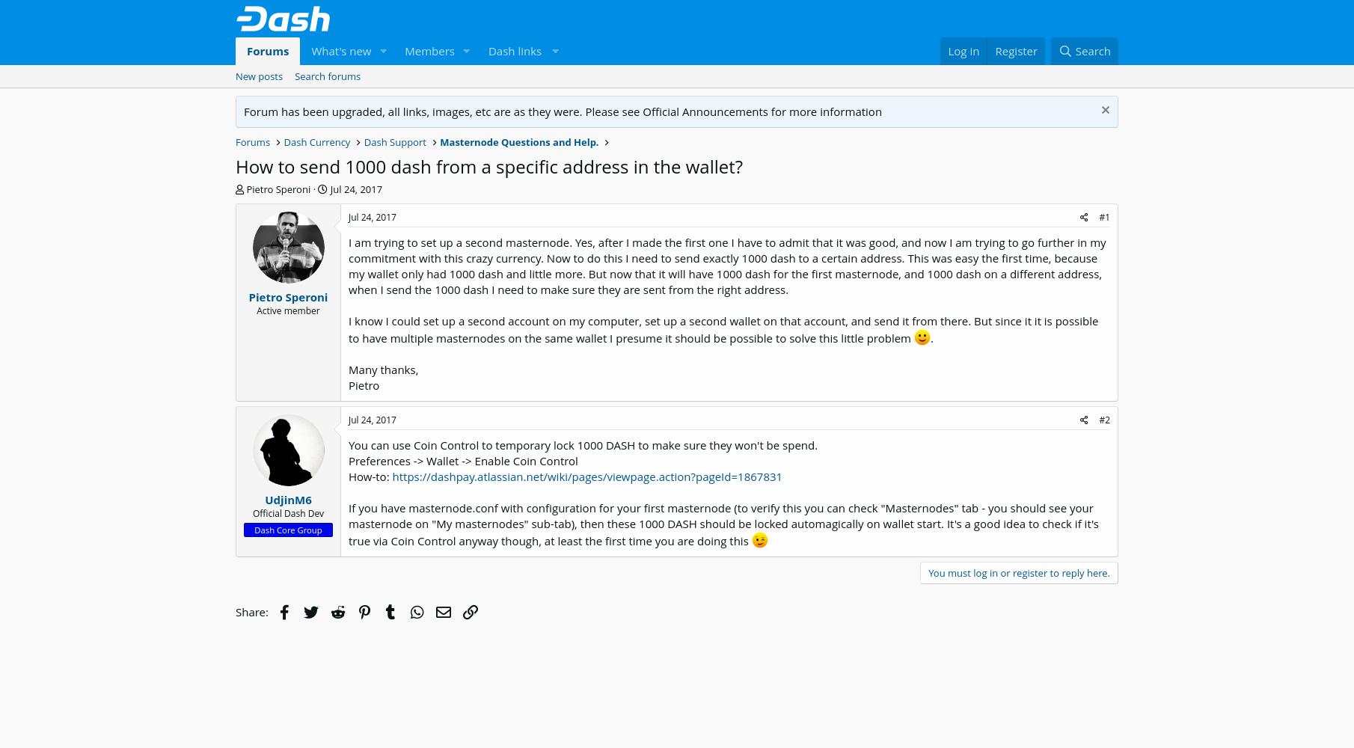  What do you see at coordinates (288, 512) in the screenshot?
I see `'Official Dash Dev'` at bounding box center [288, 512].